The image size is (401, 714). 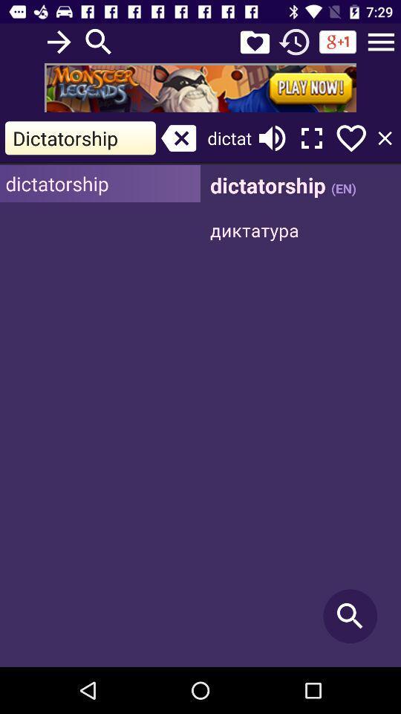 I want to click on refresh page, so click(x=294, y=41).